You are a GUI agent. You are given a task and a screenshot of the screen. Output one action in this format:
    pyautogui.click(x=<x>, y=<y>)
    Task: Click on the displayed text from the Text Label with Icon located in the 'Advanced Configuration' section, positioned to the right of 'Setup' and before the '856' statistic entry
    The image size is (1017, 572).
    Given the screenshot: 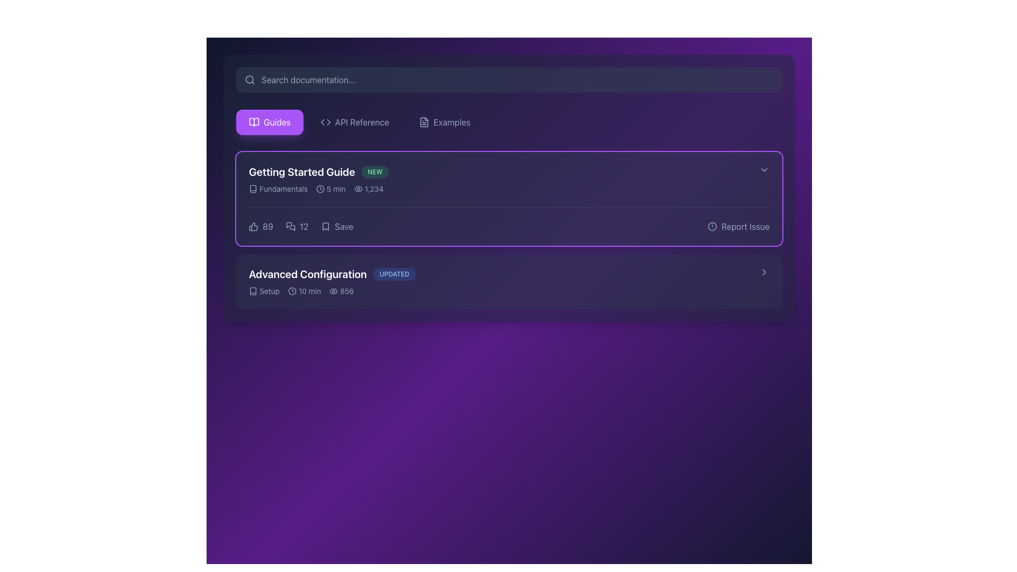 What is the action you would take?
    pyautogui.click(x=304, y=291)
    